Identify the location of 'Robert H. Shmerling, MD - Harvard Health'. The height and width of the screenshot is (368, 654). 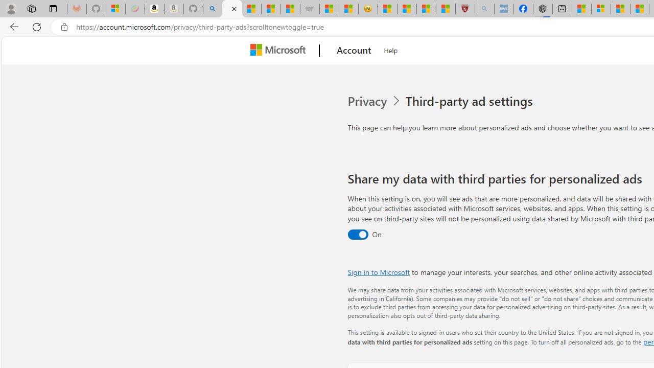
(464, 9).